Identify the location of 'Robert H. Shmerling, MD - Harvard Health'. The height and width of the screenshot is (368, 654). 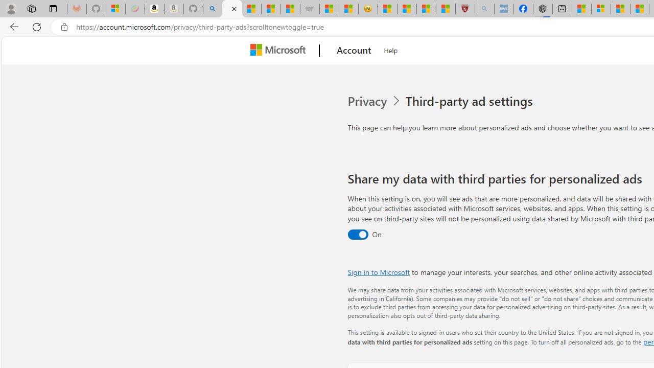
(464, 9).